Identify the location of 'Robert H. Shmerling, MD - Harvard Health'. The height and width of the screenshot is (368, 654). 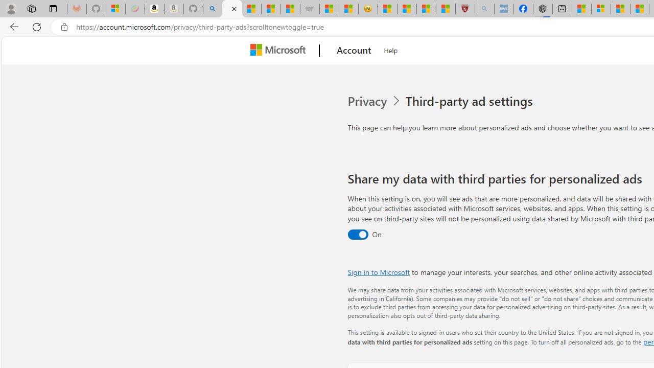
(464, 9).